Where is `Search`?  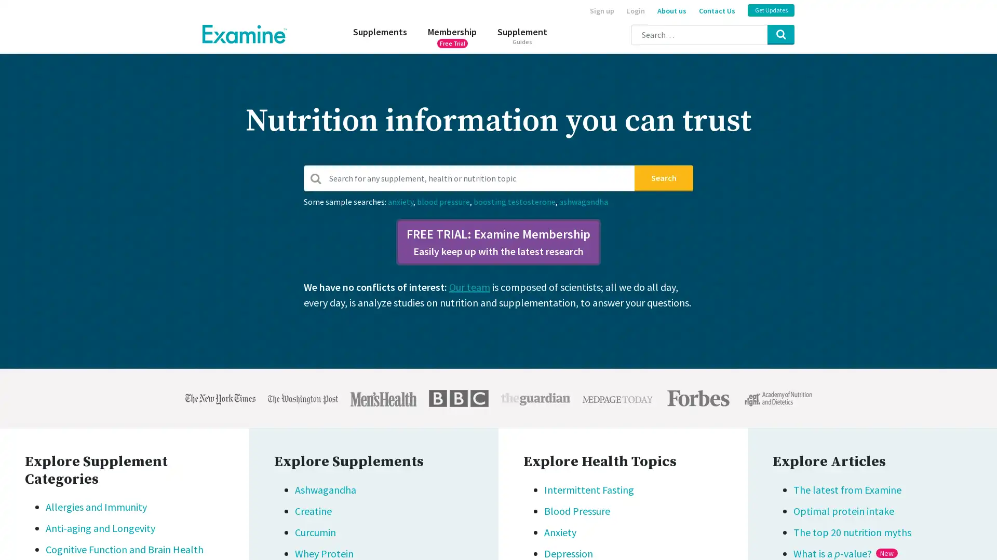
Search is located at coordinates (663, 177).